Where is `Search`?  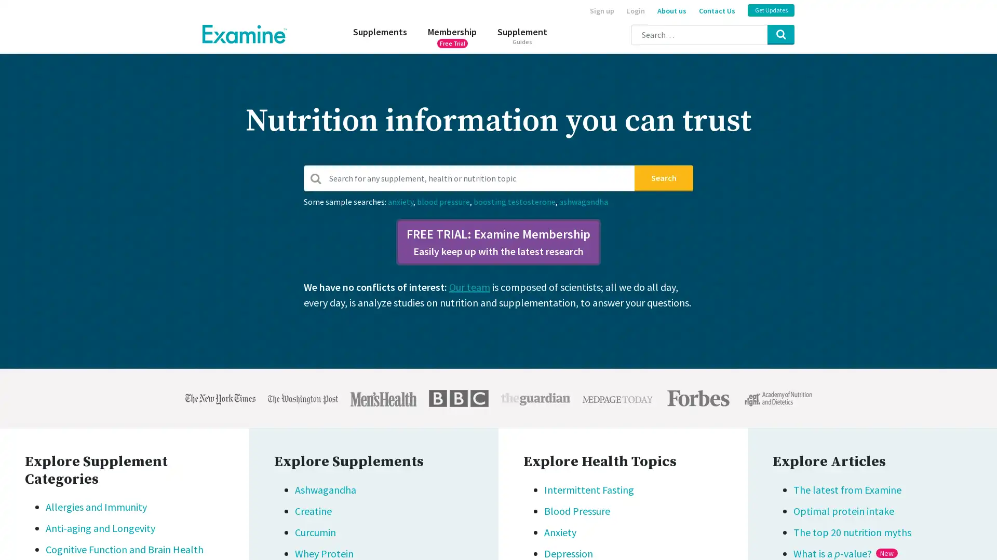
Search is located at coordinates (663, 177).